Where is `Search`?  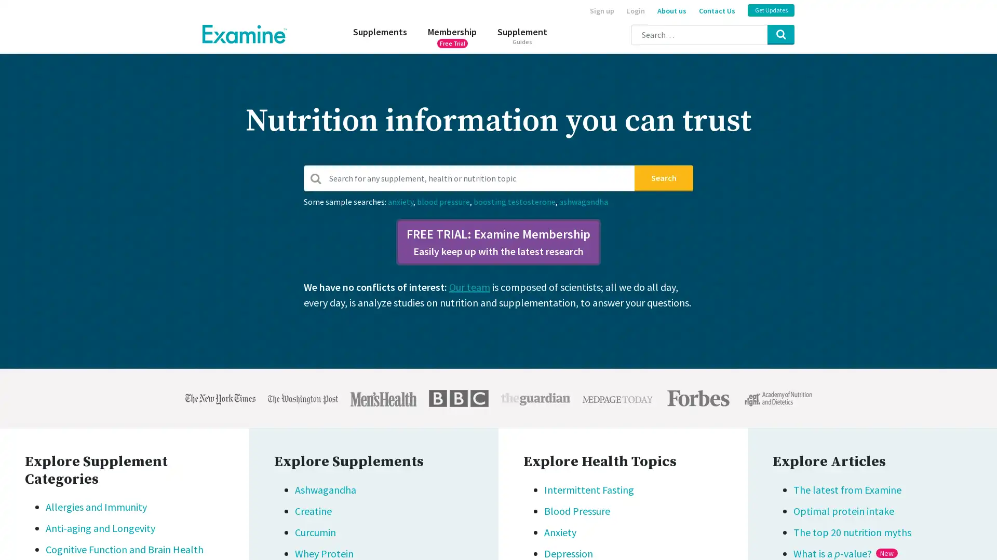
Search is located at coordinates (663, 177).